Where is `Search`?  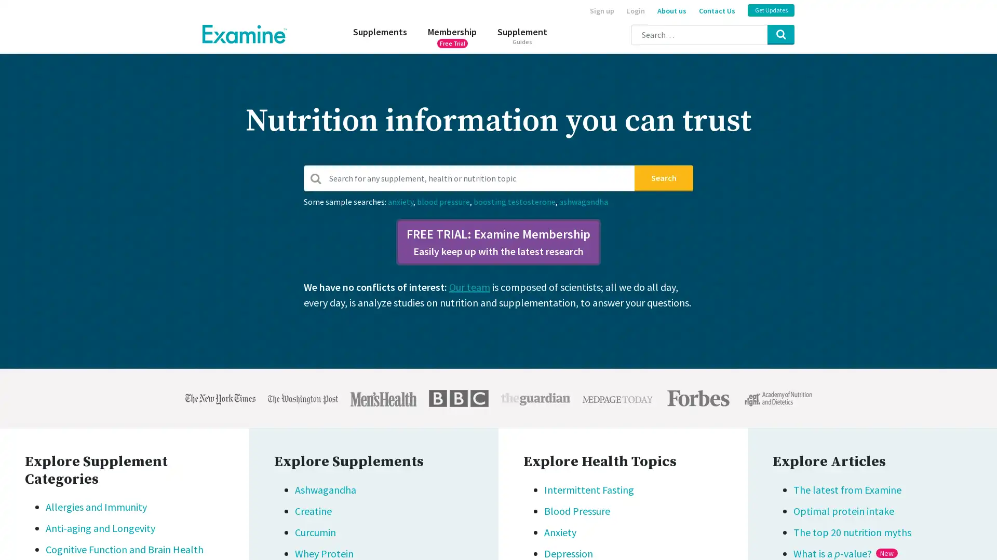
Search is located at coordinates (663, 177).